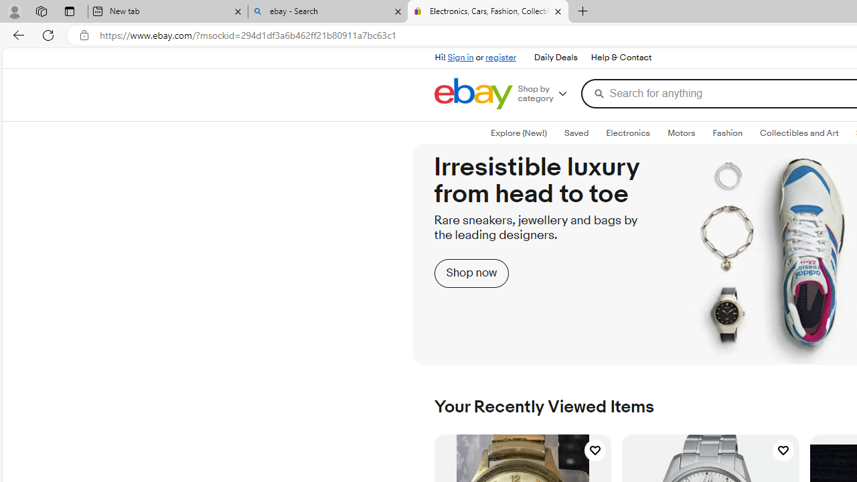 This screenshot has width=857, height=482. What do you see at coordinates (473, 93) in the screenshot?
I see `'eBay Home'` at bounding box center [473, 93].